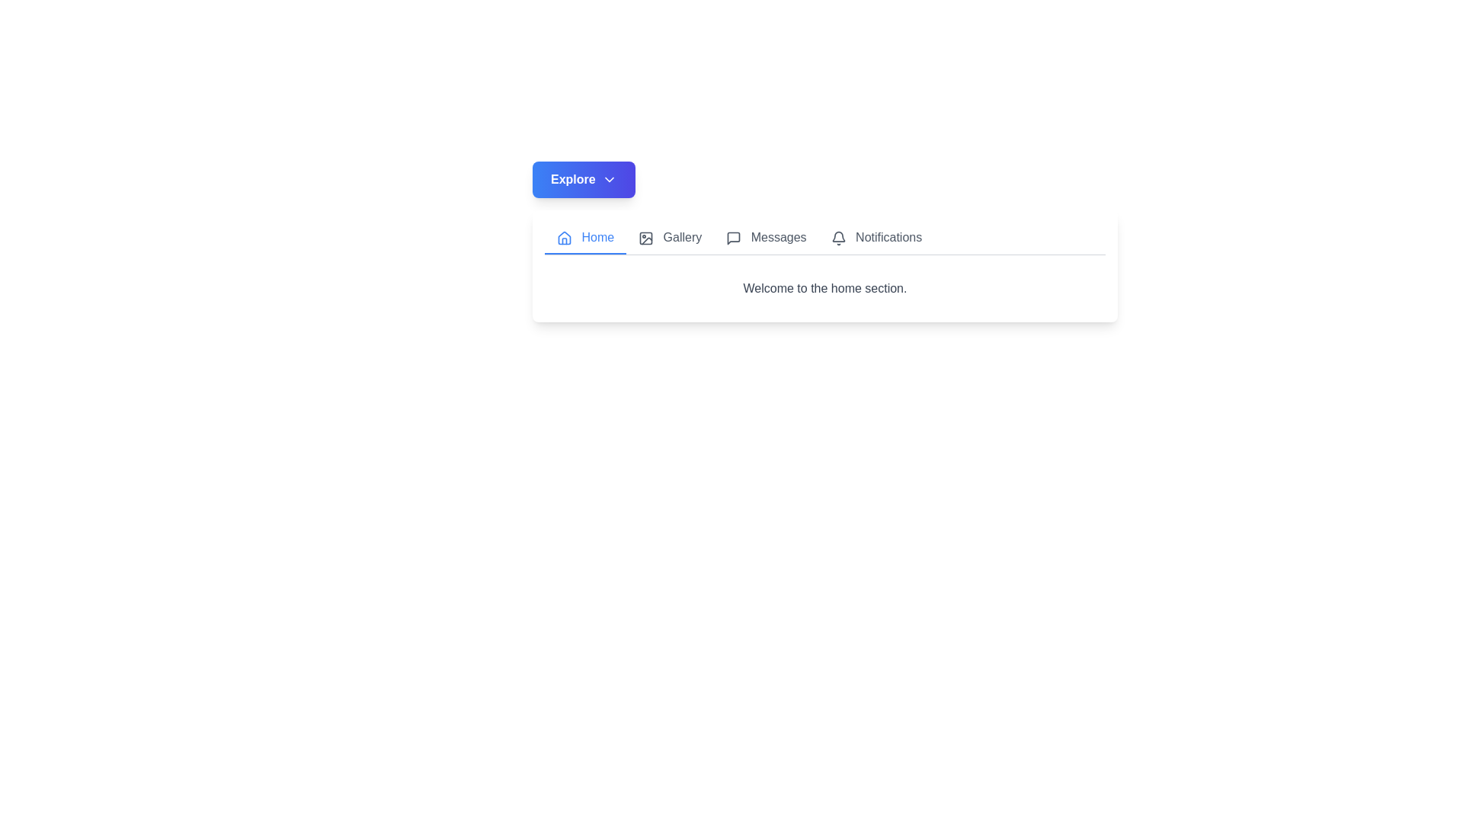 This screenshot has height=823, width=1463. What do you see at coordinates (837, 238) in the screenshot?
I see `the bell icon graphic located to the left of the 'Notifications' text label in the horizontal navigation bar` at bounding box center [837, 238].